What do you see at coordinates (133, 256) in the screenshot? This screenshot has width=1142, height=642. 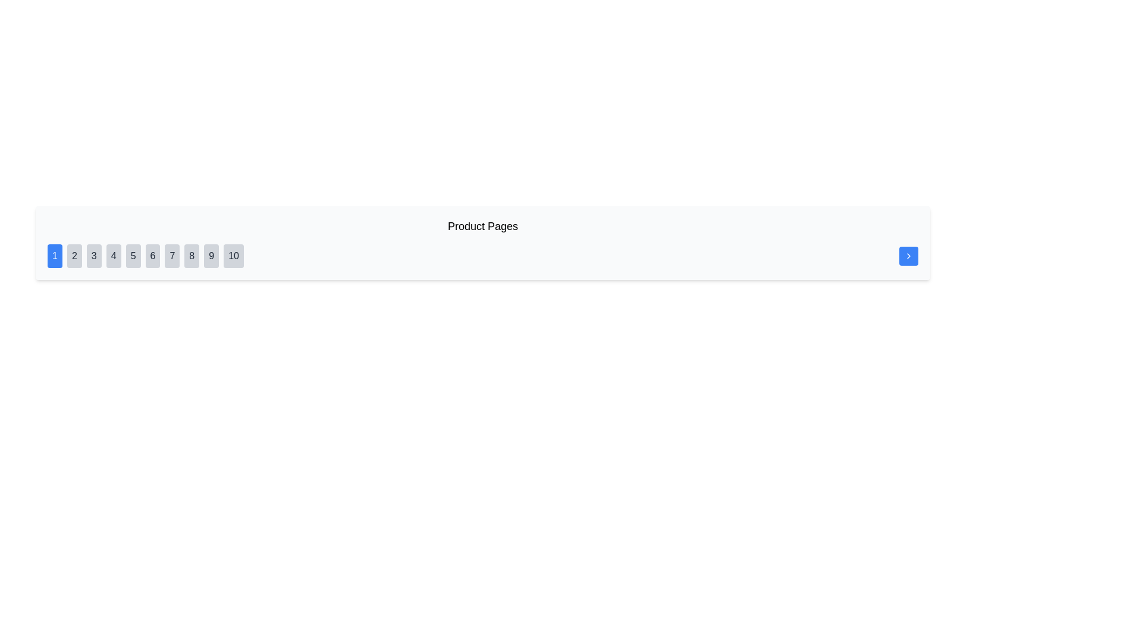 I see `the rectangular button labeled '5' with a rounded border` at bounding box center [133, 256].